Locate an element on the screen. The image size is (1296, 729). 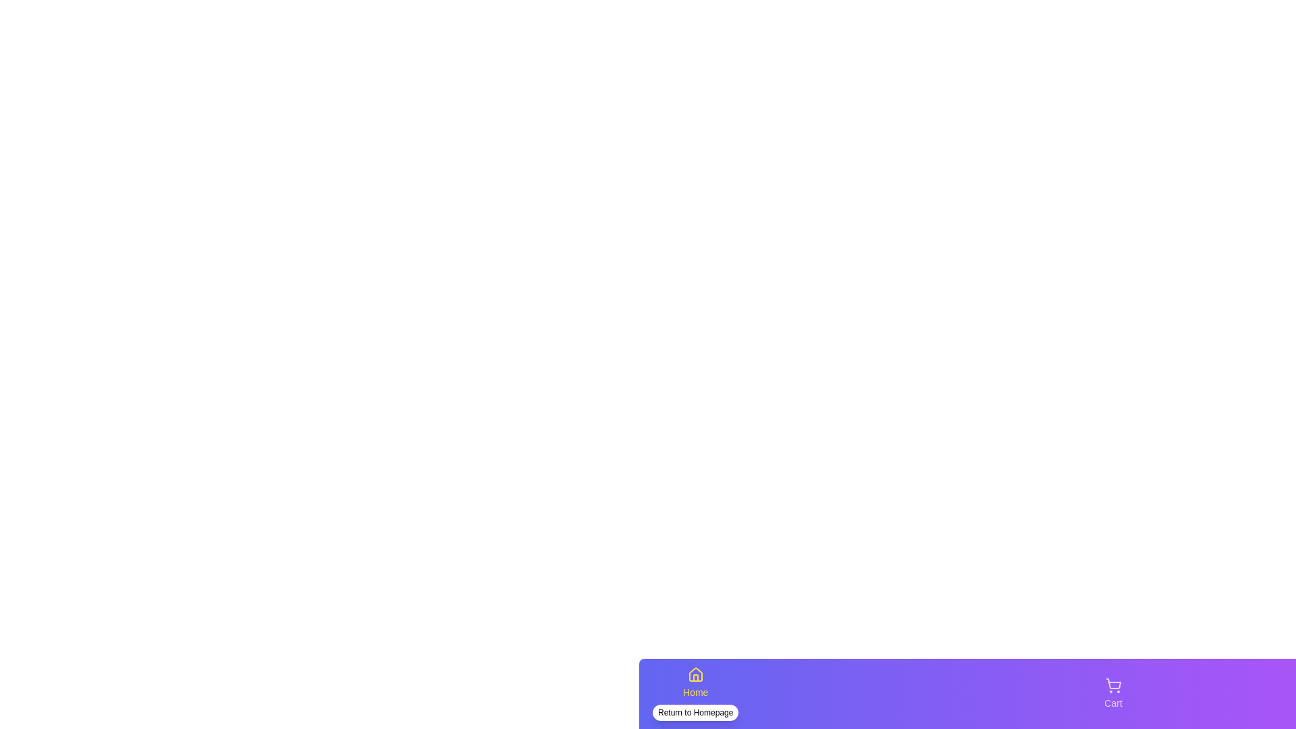
the tab labeled Cart to view its visual feedback is located at coordinates (1113, 694).